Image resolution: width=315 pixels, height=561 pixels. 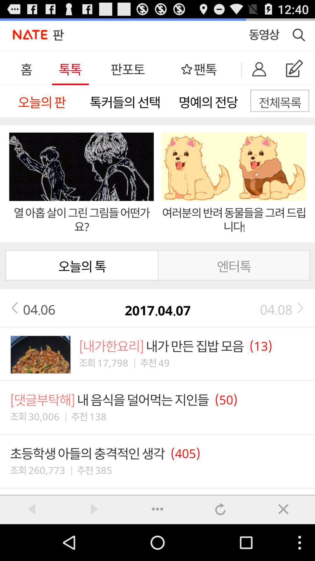 I want to click on the swap icon, so click(x=220, y=544).